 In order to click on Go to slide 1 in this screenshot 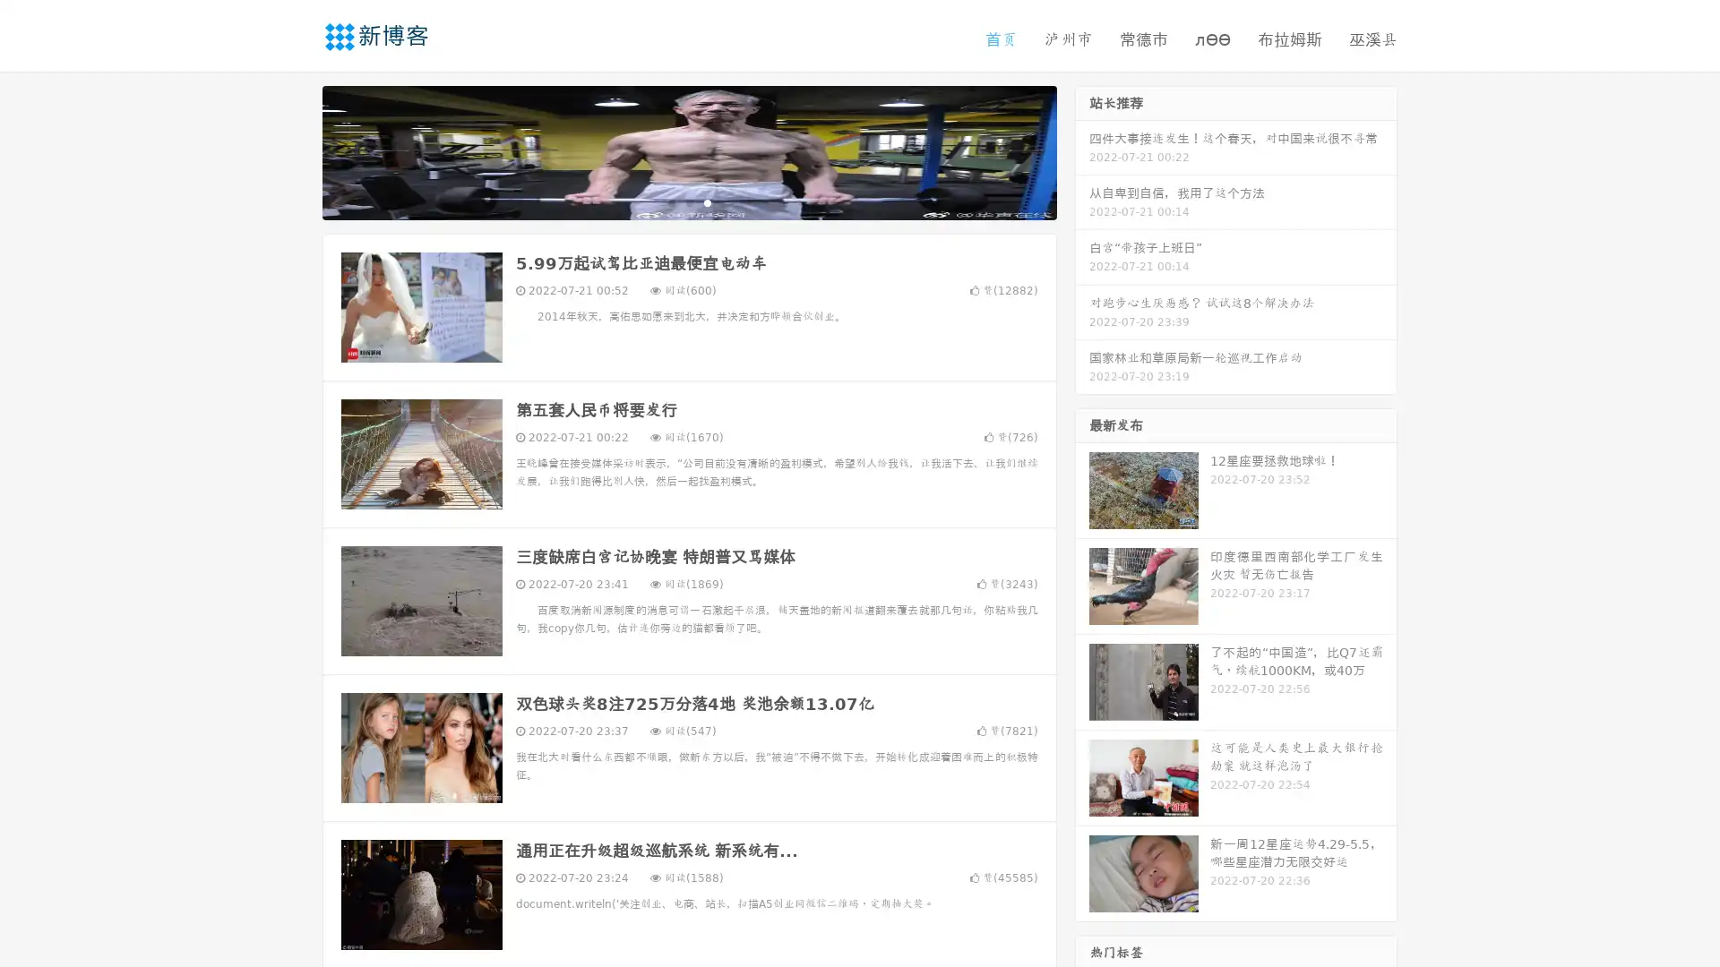, I will do `click(670, 201)`.